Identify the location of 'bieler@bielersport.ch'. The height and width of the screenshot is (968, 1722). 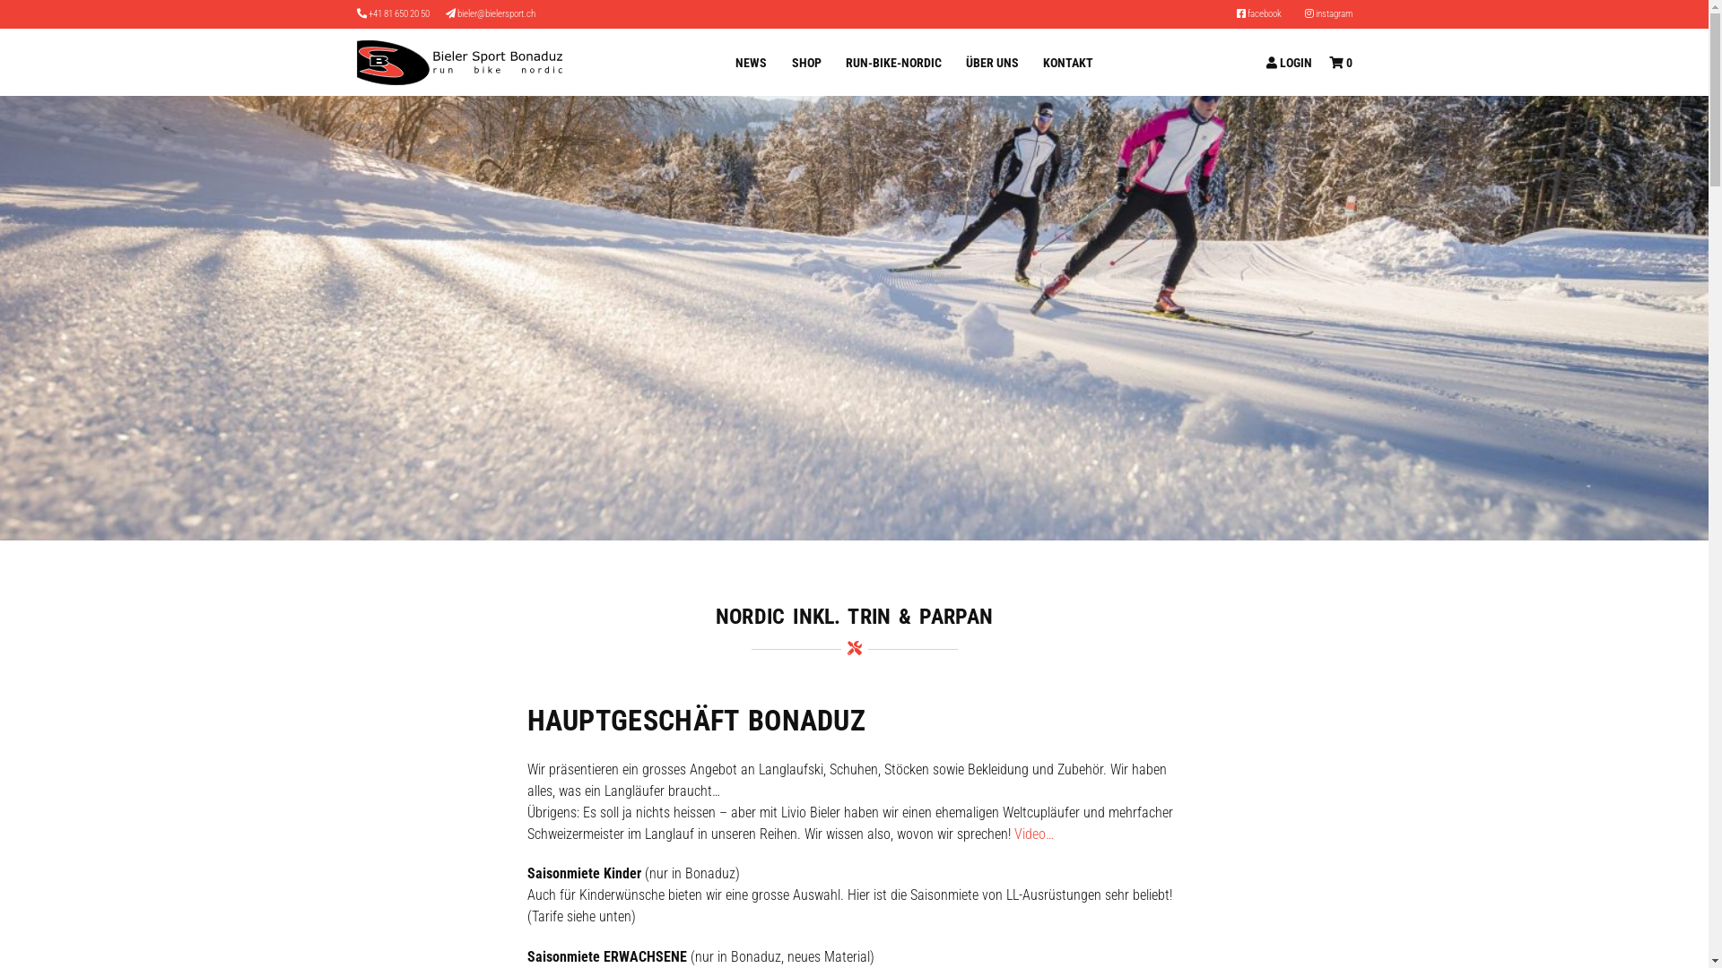
(496, 13).